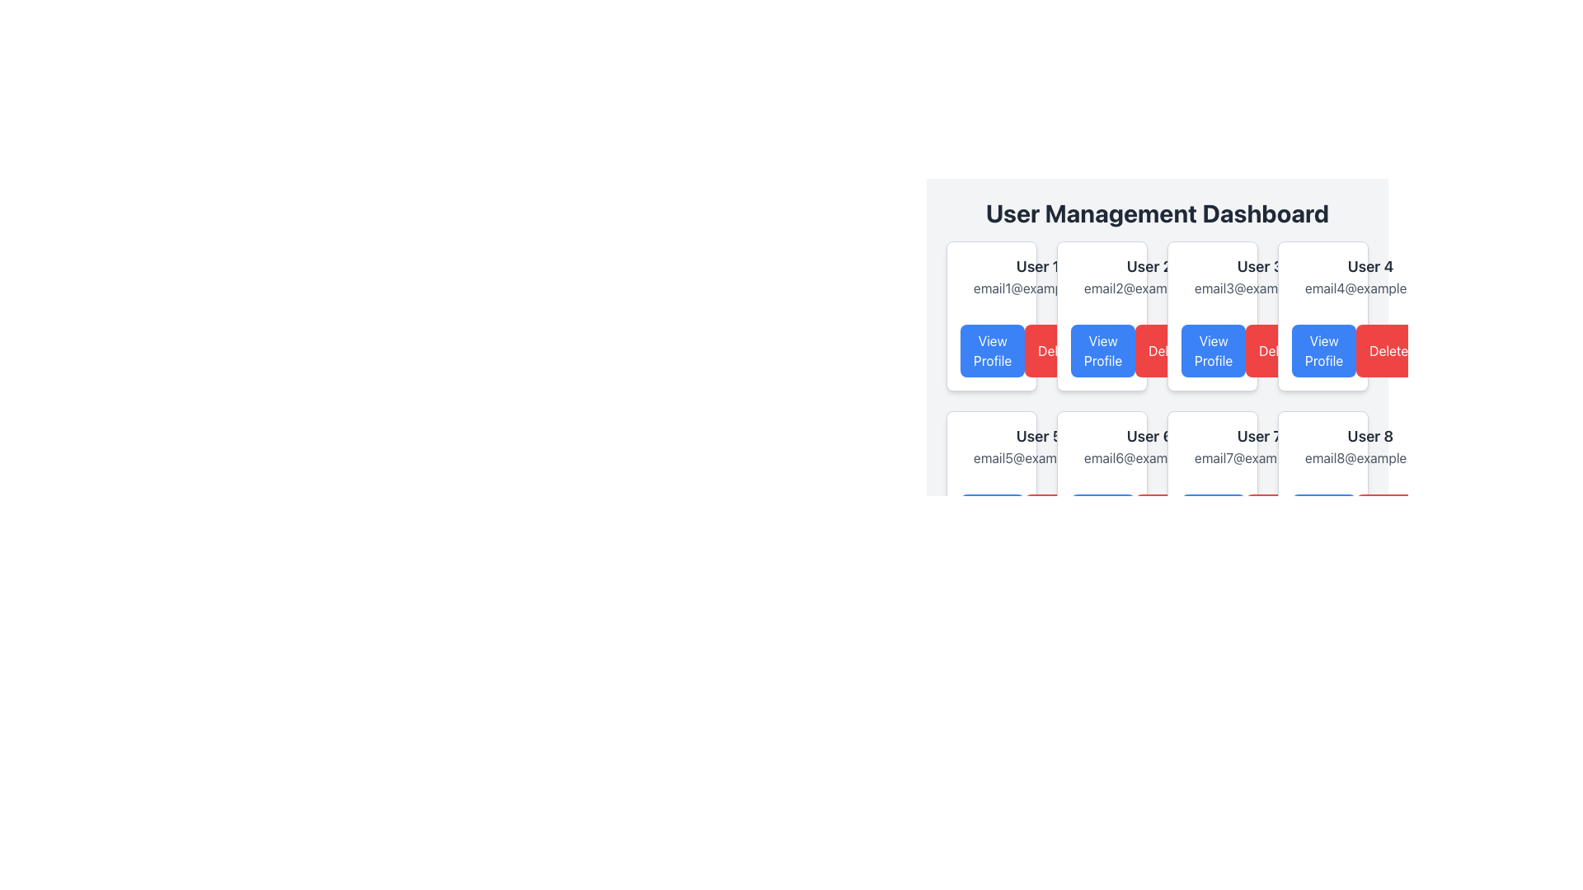  Describe the element at coordinates (1277, 349) in the screenshot. I see `the 'Delete' button with a red background and white text located within the user management card under 'User 4' to initiate a delete action` at that location.